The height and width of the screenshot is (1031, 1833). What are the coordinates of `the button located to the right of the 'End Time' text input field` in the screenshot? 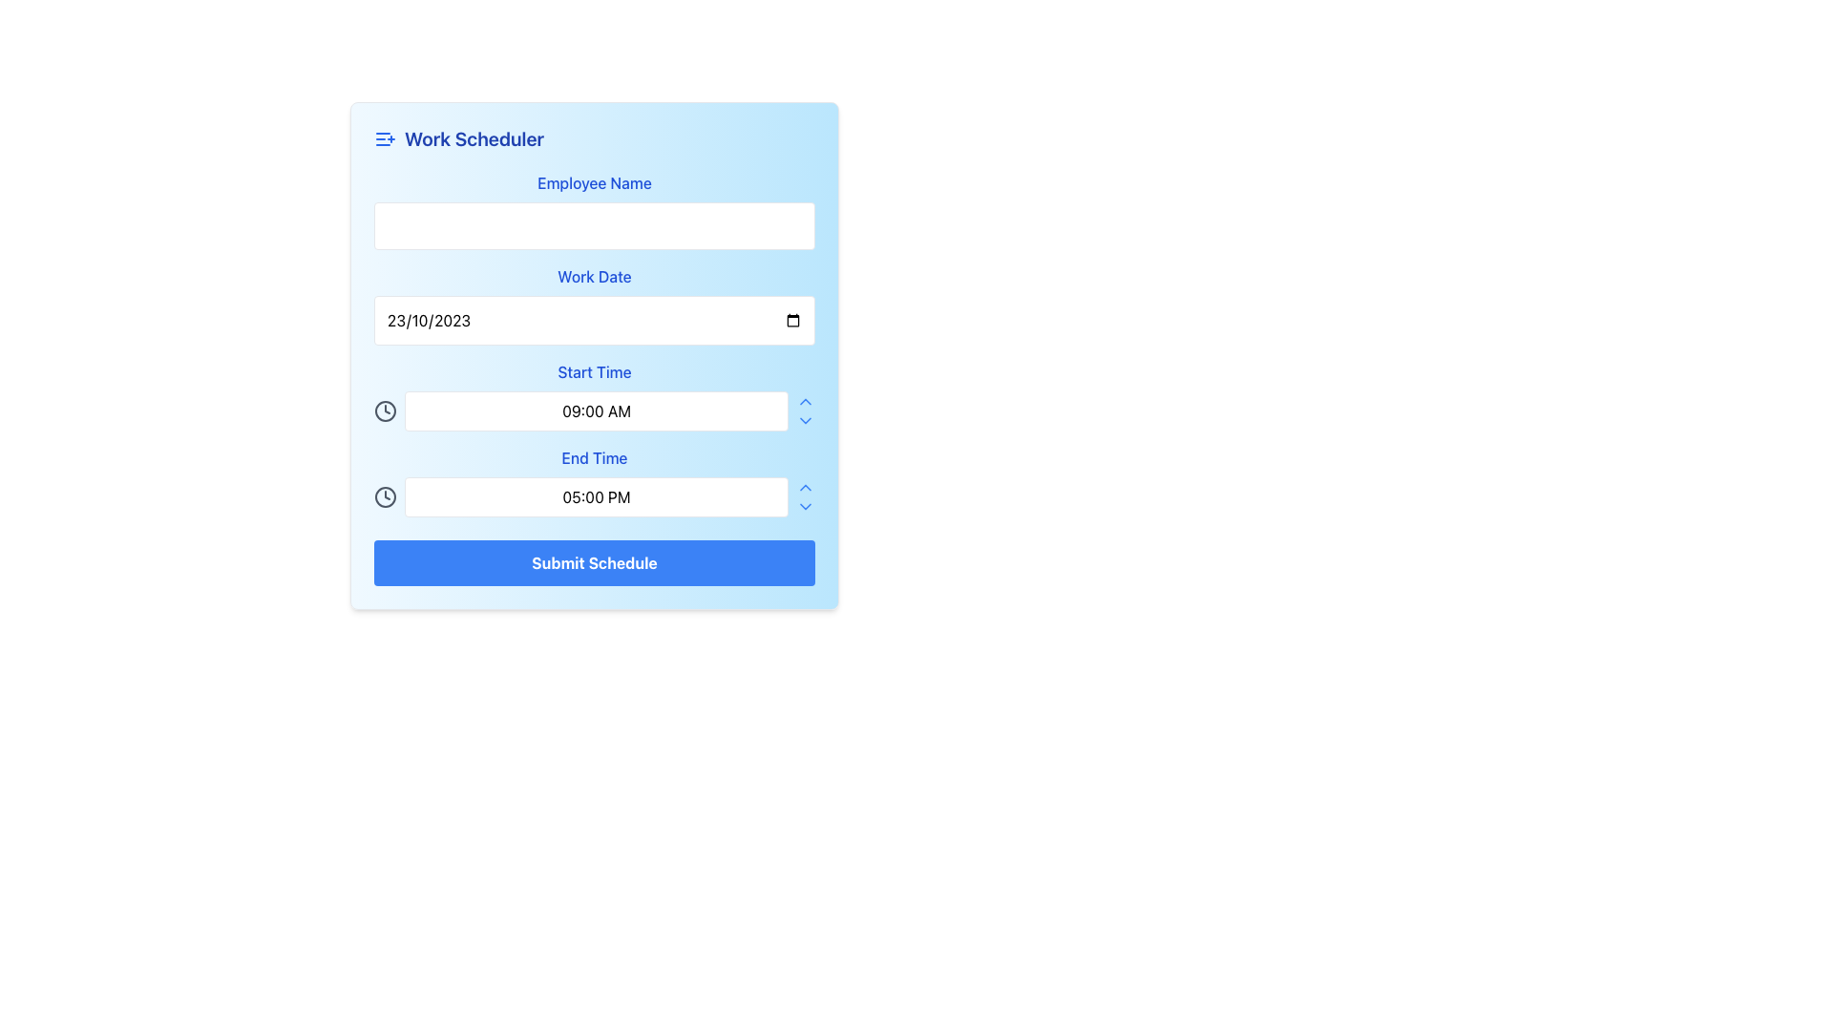 It's located at (806, 506).